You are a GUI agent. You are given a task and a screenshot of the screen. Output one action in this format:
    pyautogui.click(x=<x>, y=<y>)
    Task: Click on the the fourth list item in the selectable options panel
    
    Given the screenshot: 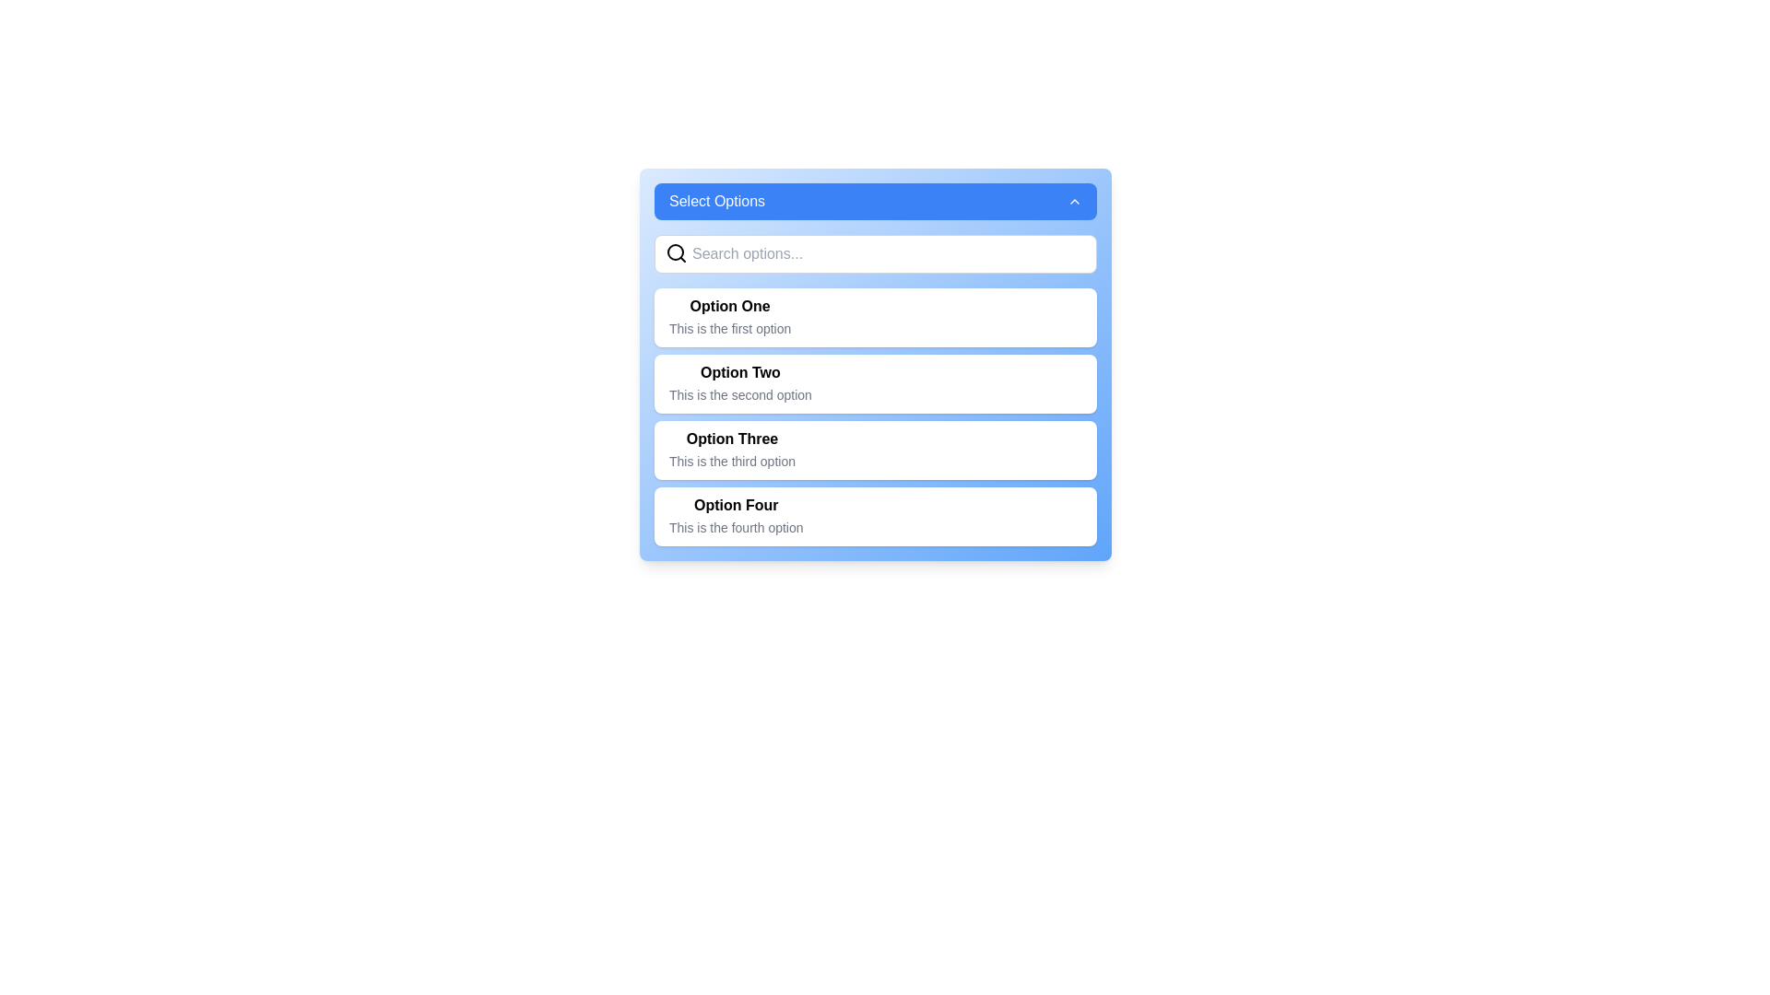 What is the action you would take?
    pyautogui.click(x=875, y=516)
    